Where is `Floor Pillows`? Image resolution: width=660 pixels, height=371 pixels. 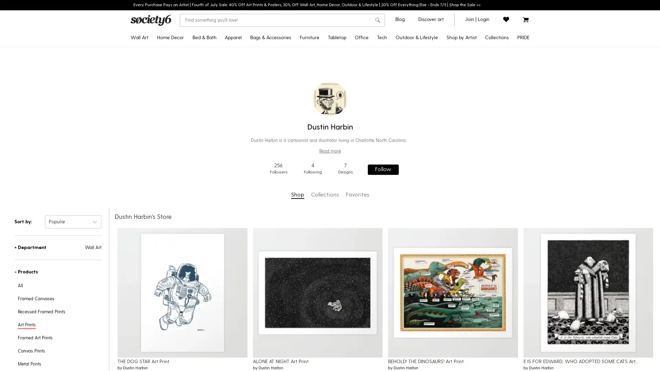
Floor Pillows is located at coordinates (183, 88).